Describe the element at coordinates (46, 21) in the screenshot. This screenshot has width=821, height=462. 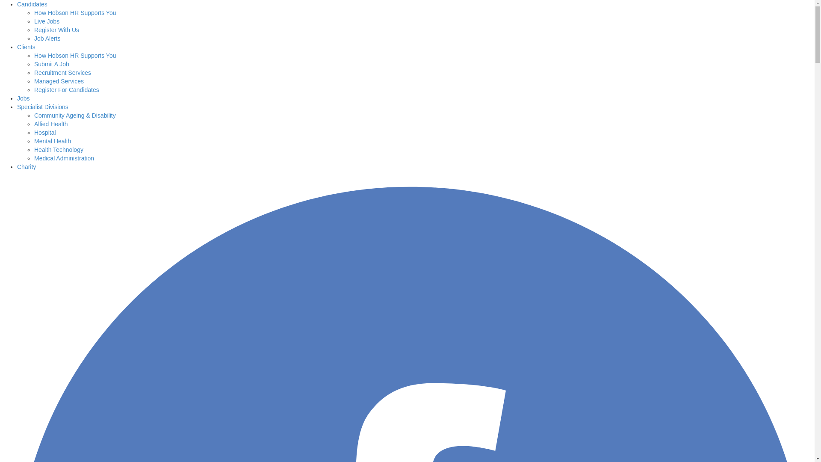
I see `'Live Jobs'` at that location.